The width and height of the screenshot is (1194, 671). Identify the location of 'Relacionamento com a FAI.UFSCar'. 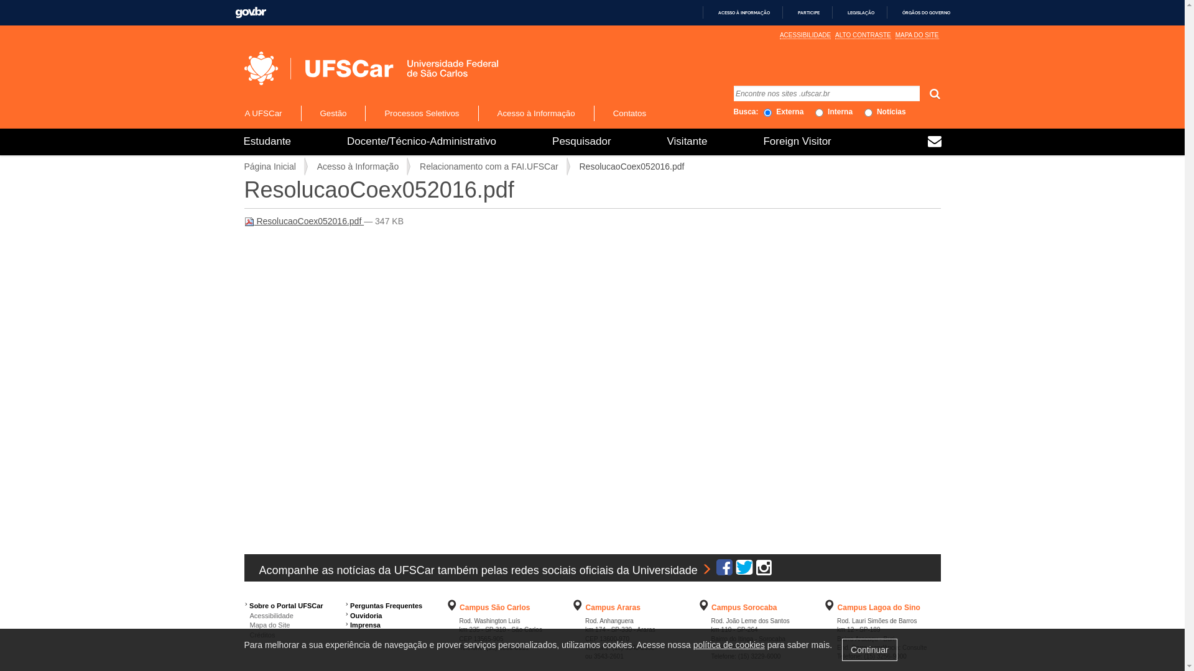
(488, 165).